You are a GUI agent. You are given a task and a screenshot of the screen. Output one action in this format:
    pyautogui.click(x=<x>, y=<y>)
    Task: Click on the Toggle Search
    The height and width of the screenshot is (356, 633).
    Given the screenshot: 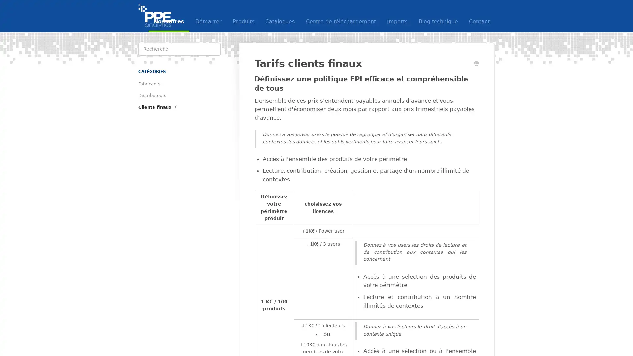 What is the action you would take?
    pyautogui.click(x=214, y=49)
    